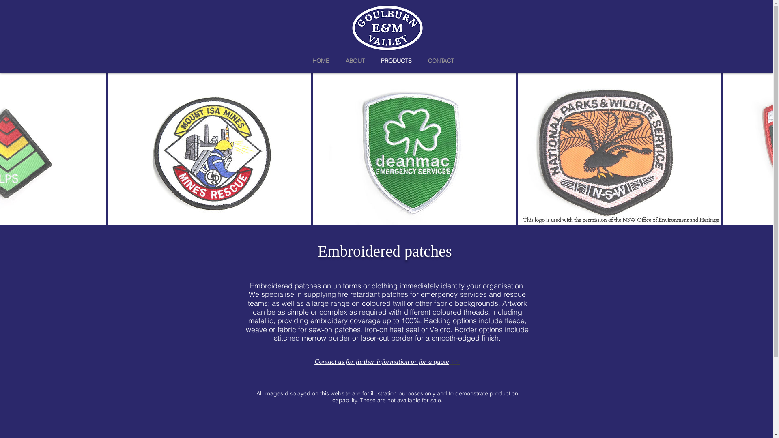 The width and height of the screenshot is (779, 438). I want to click on 'PRODUCTS', so click(396, 60).